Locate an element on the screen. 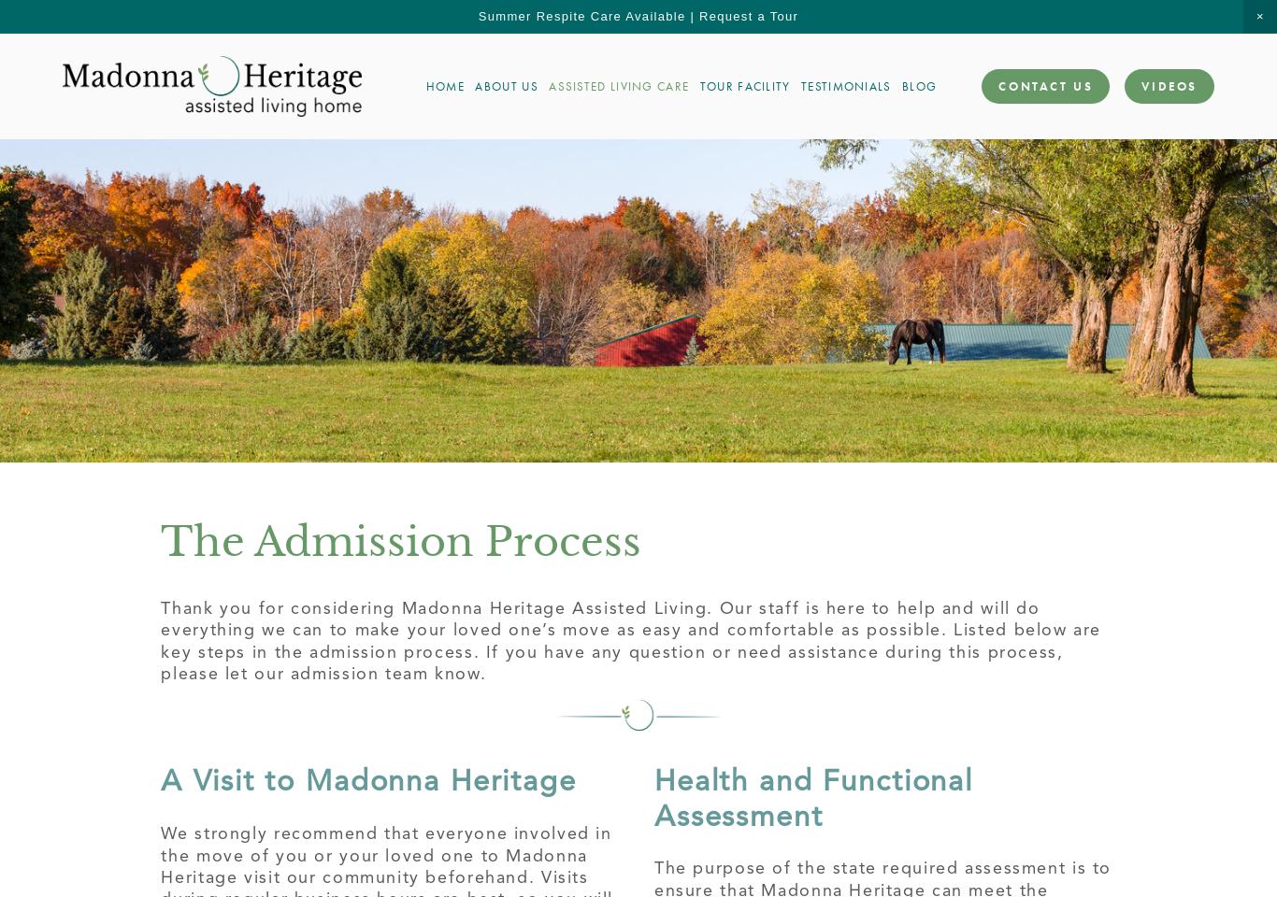 Image resolution: width=1277 pixels, height=897 pixels. 'About Us' is located at coordinates (506, 86).